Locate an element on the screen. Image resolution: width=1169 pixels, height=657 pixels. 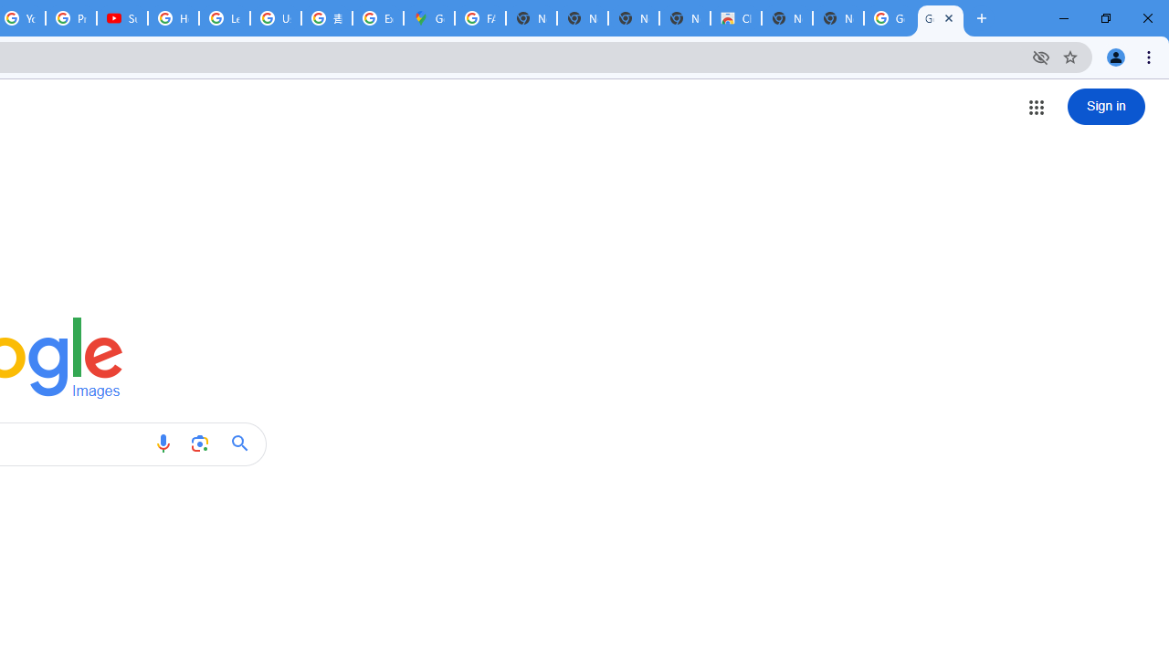
'Chrome Web Store' is located at coordinates (736, 18).